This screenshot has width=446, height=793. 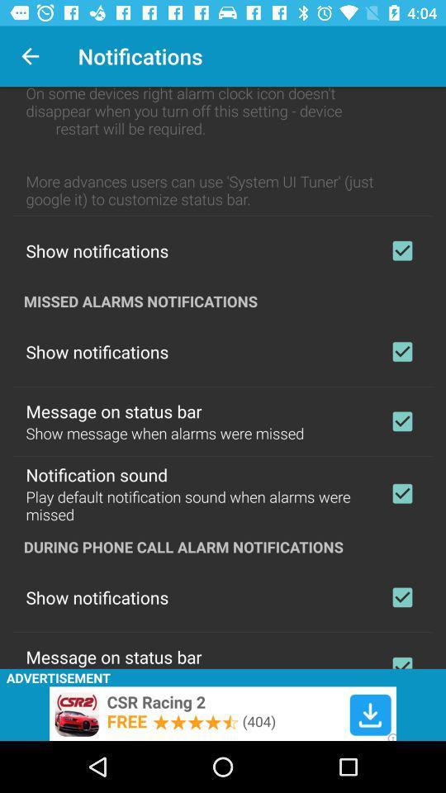 What do you see at coordinates (401, 420) in the screenshot?
I see `carroct botten` at bounding box center [401, 420].